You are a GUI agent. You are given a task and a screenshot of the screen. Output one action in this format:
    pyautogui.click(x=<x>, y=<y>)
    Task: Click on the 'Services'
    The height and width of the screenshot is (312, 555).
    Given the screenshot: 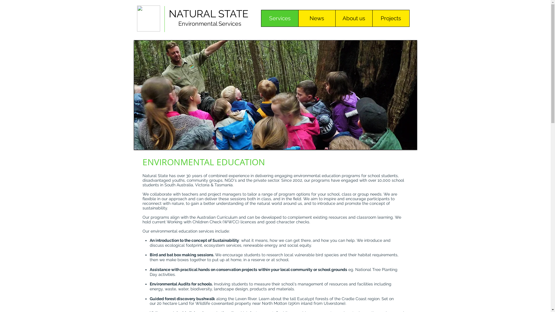 What is the action you would take?
    pyautogui.click(x=280, y=18)
    